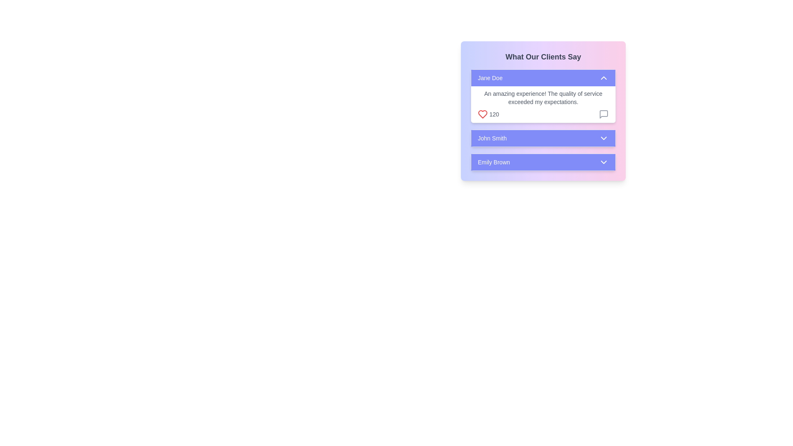 The image size is (793, 446). Describe the element at coordinates (543, 97) in the screenshot. I see `the text element displaying 'An amazing experience! The quality of service exceeded my expectations.' in the testimonial section labeled 'What Our Clients Say'` at that location.